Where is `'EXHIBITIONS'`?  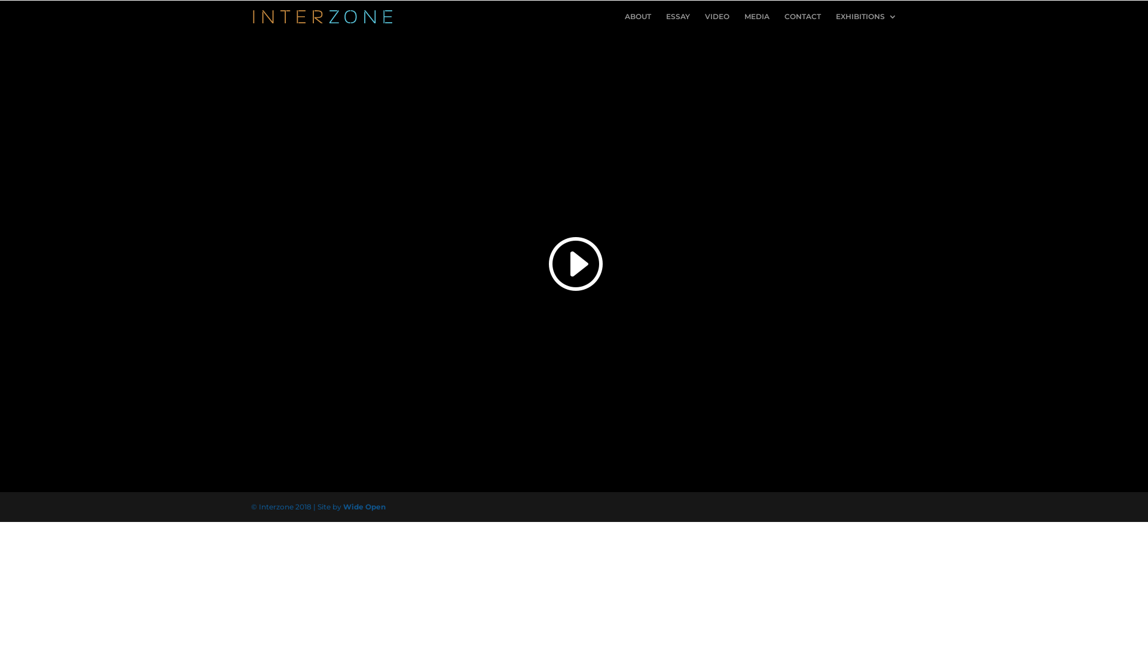 'EXHIBITIONS' is located at coordinates (866, 23).